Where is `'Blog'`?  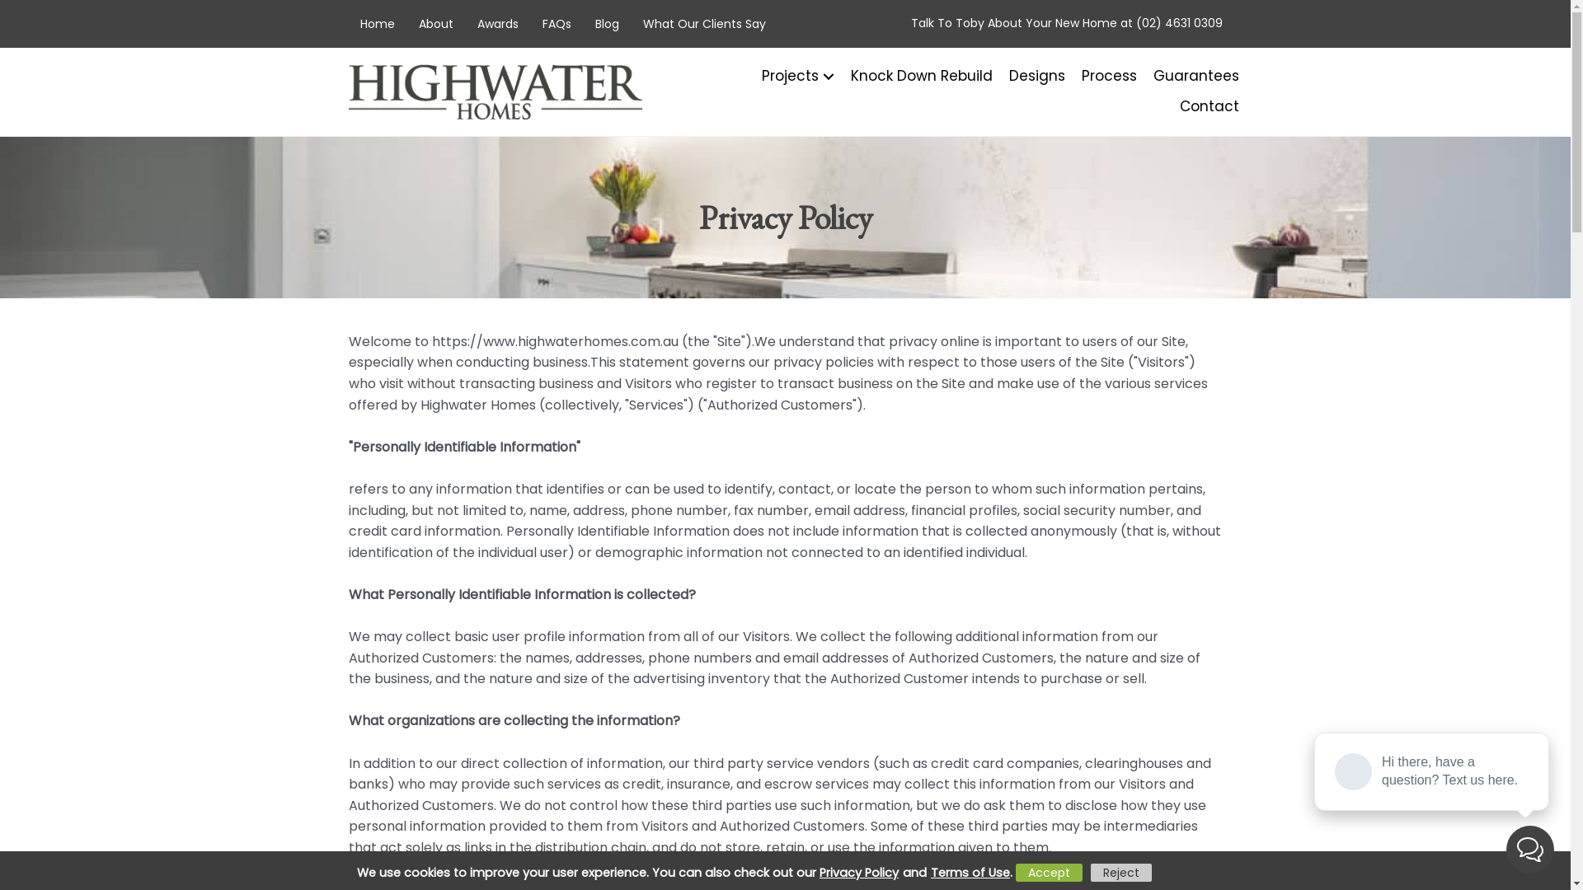 'Blog' is located at coordinates (606, 24).